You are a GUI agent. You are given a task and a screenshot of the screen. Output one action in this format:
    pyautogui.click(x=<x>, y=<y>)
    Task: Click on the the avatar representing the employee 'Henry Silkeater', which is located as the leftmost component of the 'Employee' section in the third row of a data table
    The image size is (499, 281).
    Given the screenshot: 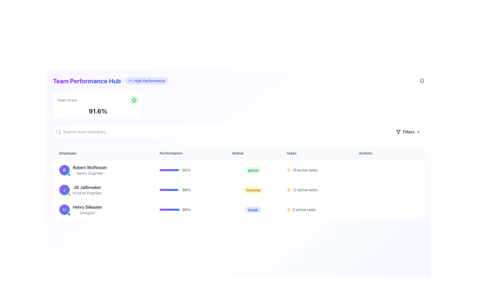 What is the action you would take?
    pyautogui.click(x=64, y=209)
    